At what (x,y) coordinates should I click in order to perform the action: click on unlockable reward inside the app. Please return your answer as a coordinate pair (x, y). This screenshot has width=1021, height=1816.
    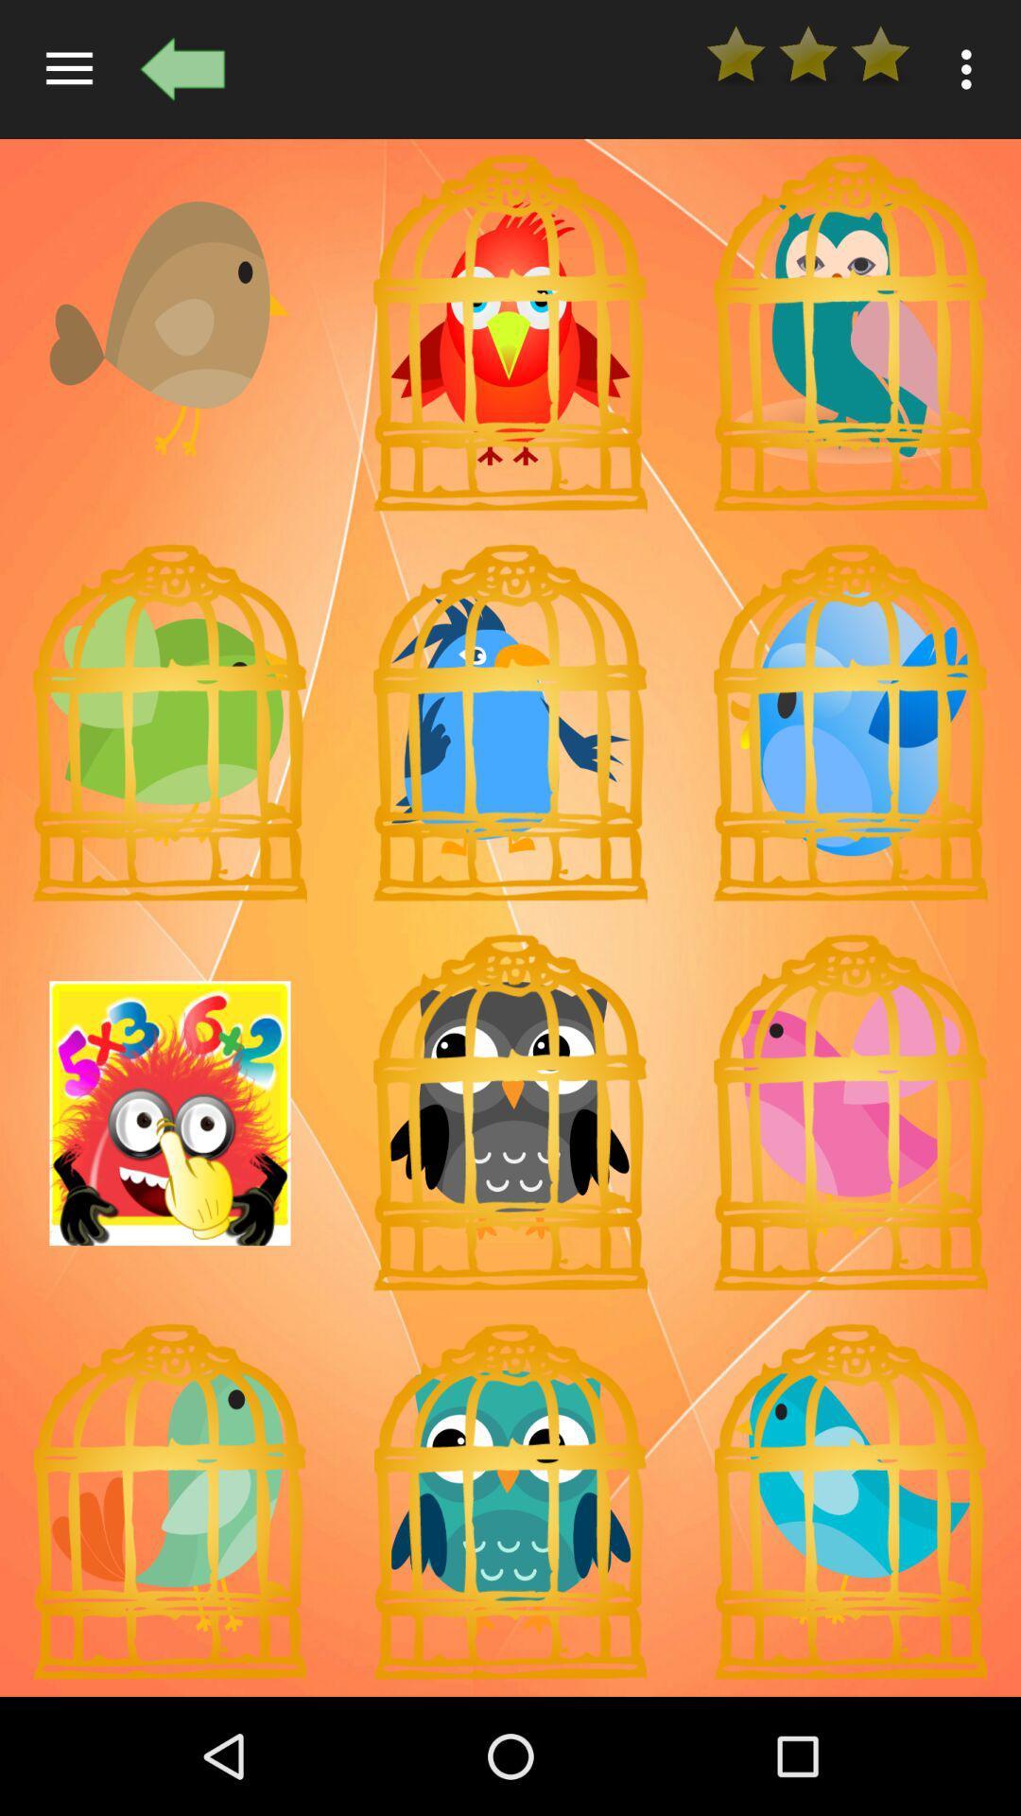
    Looking at the image, I should click on (849, 1113).